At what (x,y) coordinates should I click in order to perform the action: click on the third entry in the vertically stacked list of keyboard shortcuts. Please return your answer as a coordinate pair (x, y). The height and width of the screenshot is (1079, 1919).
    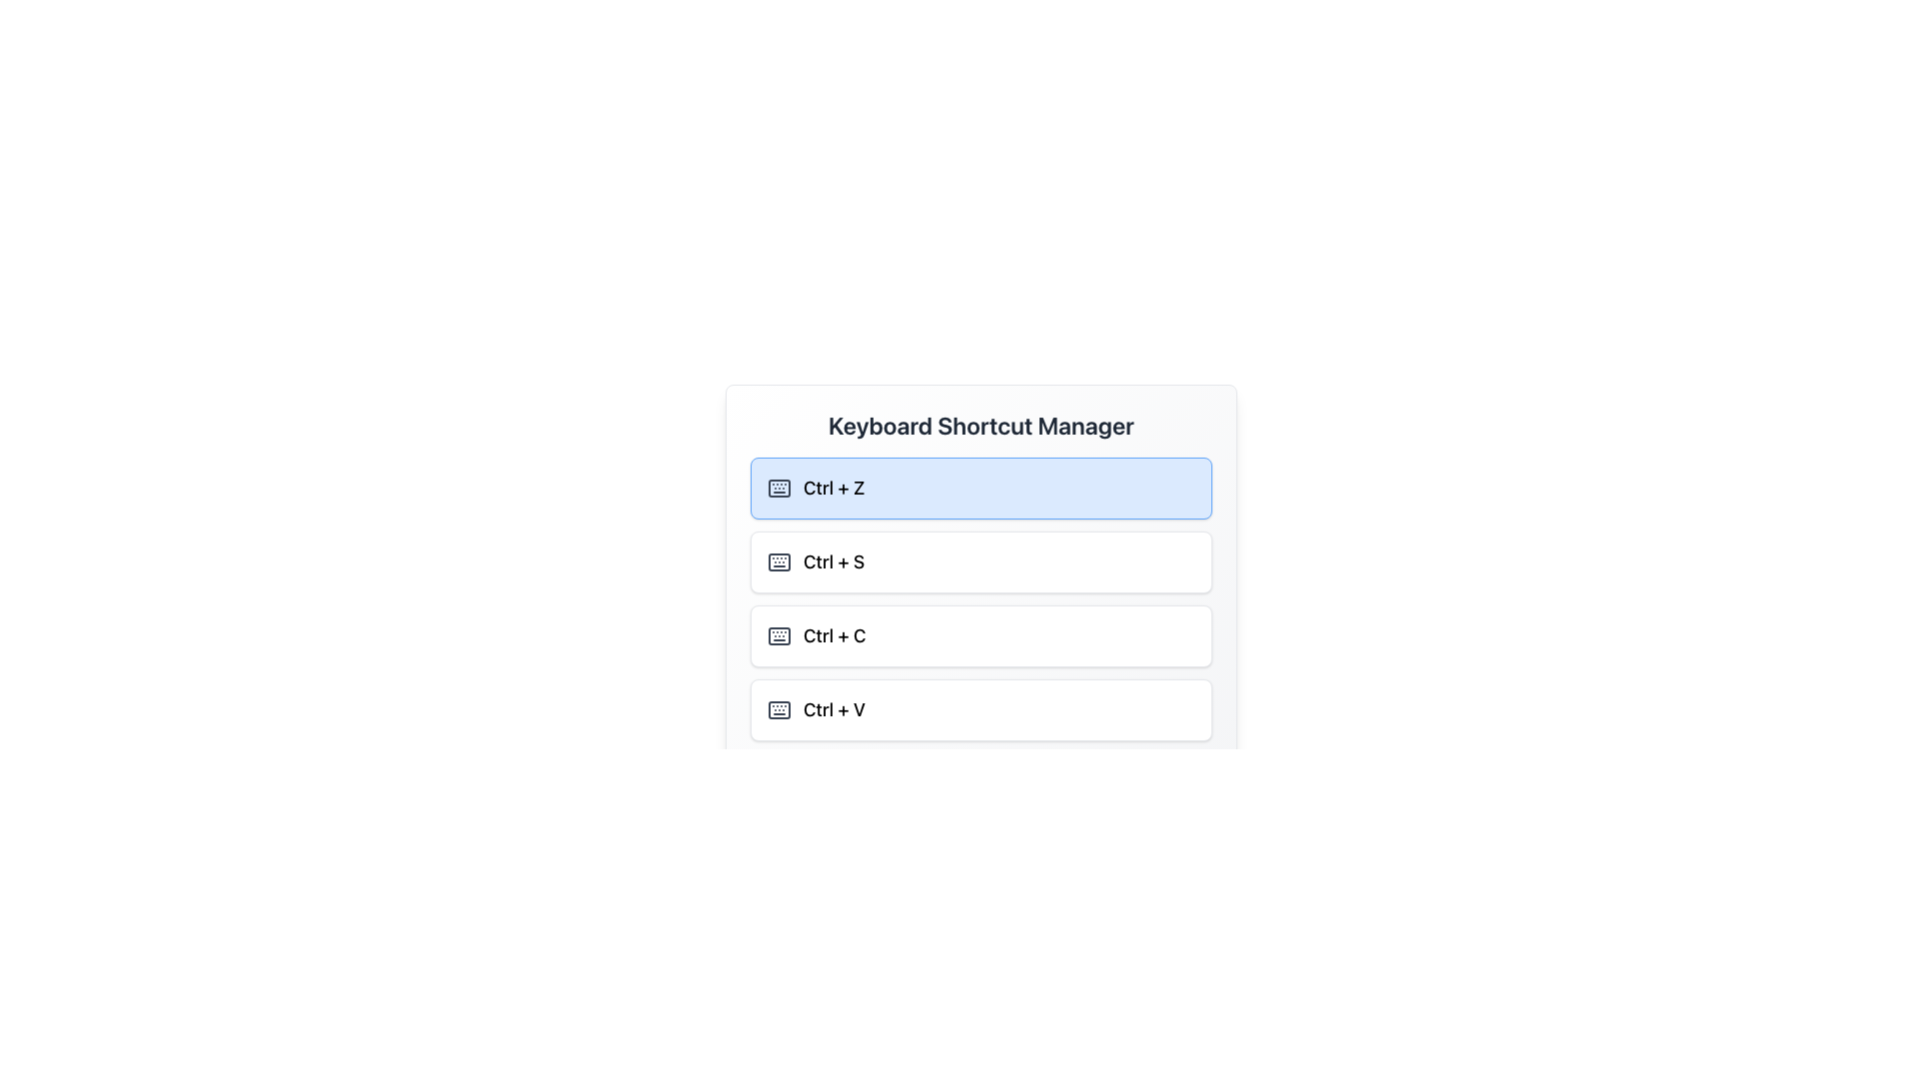
    Looking at the image, I should click on (981, 625).